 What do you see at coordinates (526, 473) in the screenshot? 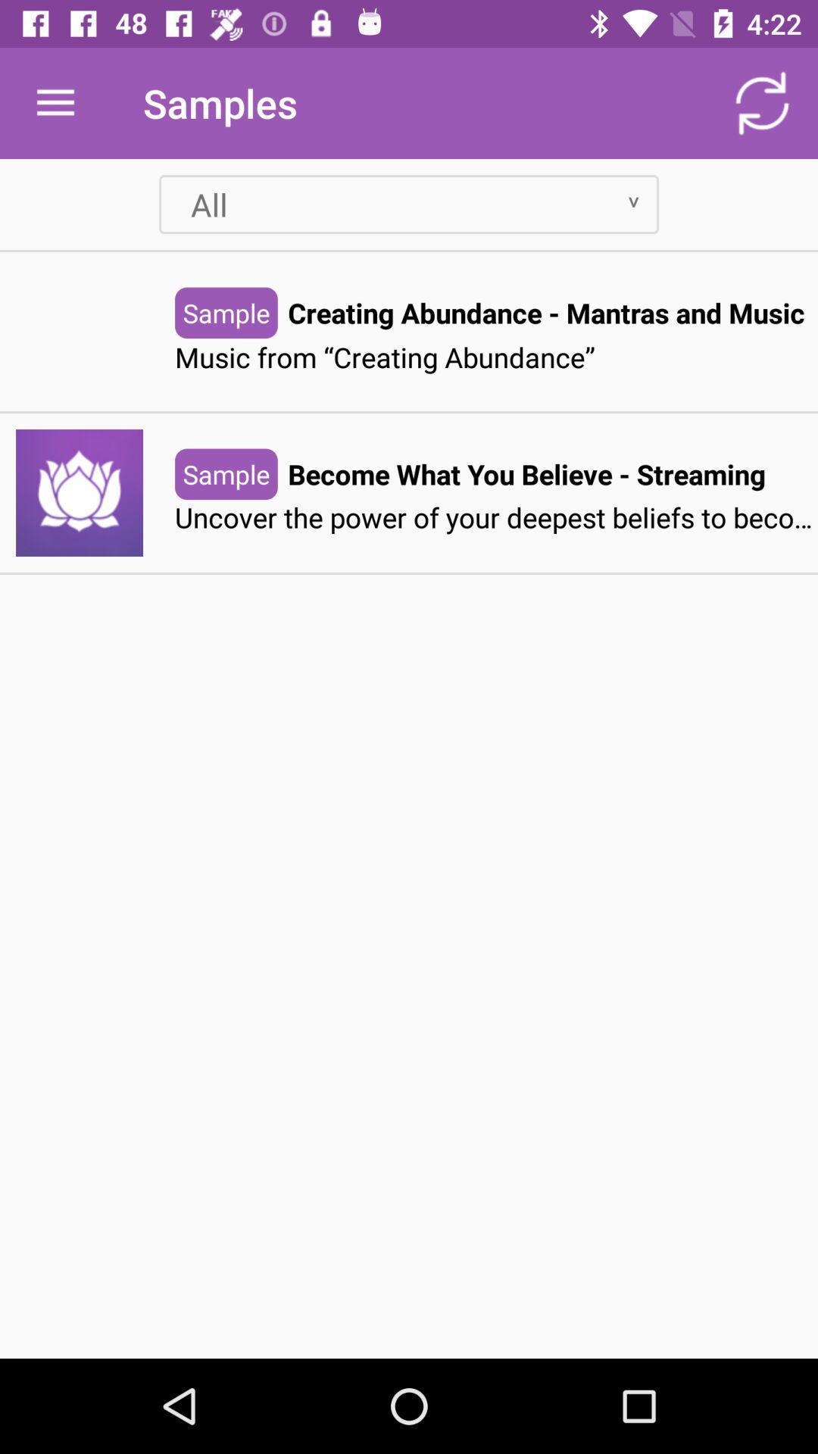
I see `the icon below the music from creating item` at bounding box center [526, 473].